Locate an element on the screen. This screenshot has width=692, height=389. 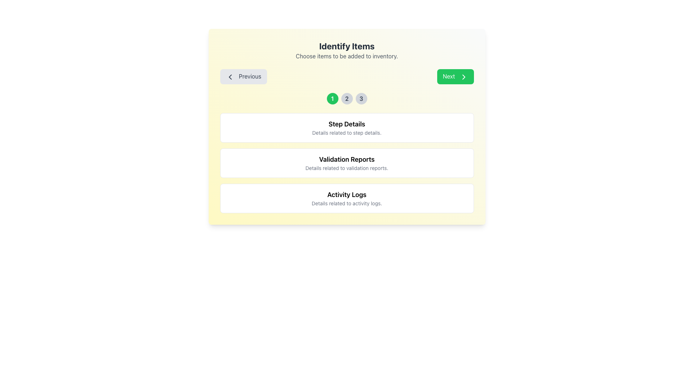
the right-pointing chevron icon within the green rounded rectangle button labeled 'Next' located in the top-right corner of the interface is located at coordinates (463, 77).